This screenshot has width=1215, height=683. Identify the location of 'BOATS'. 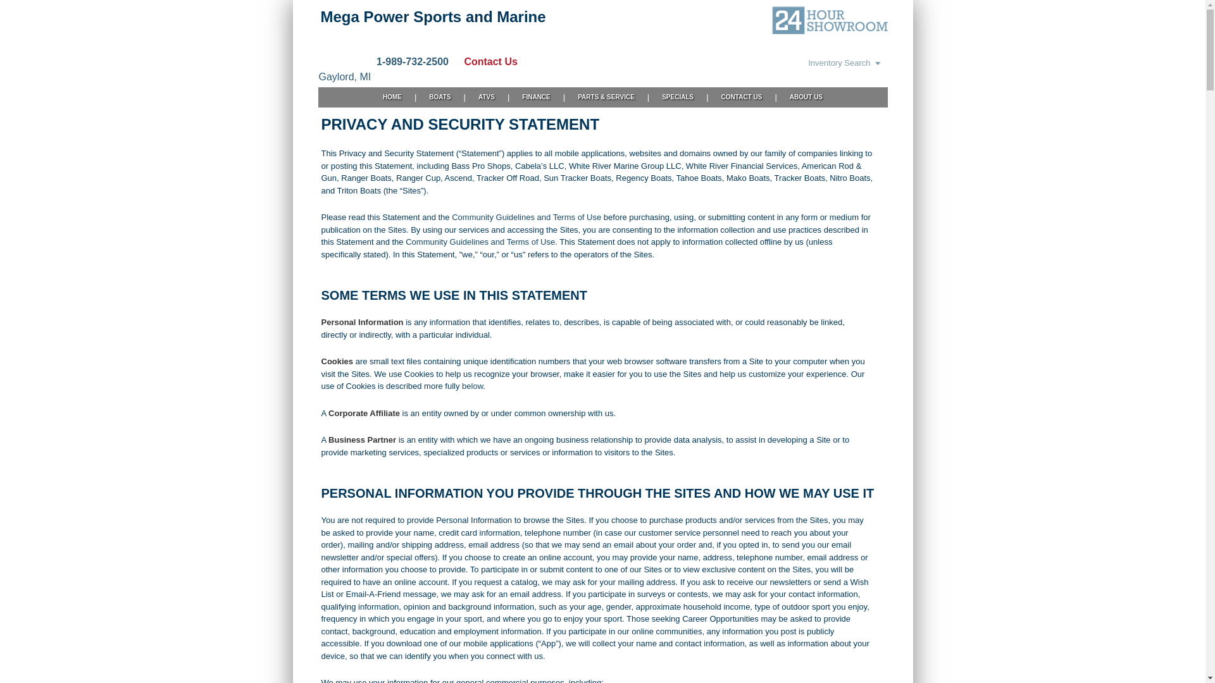
(416, 97).